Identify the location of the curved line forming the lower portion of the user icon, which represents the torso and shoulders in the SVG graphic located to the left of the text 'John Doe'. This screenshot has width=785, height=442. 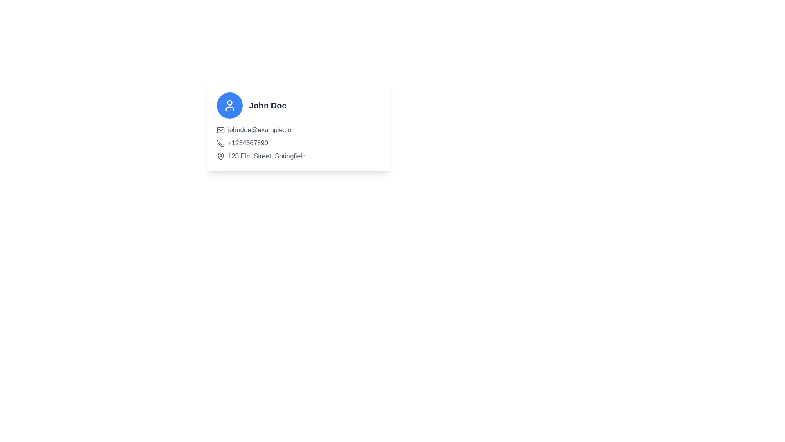
(229, 108).